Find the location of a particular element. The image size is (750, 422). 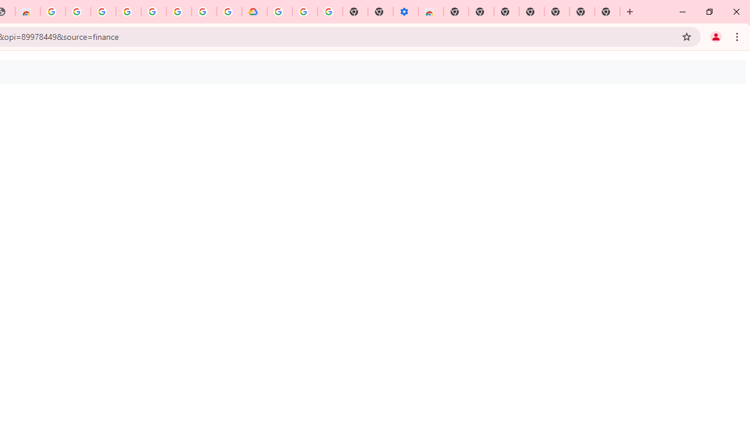

'Settings - Accessibility' is located at coordinates (405, 12).